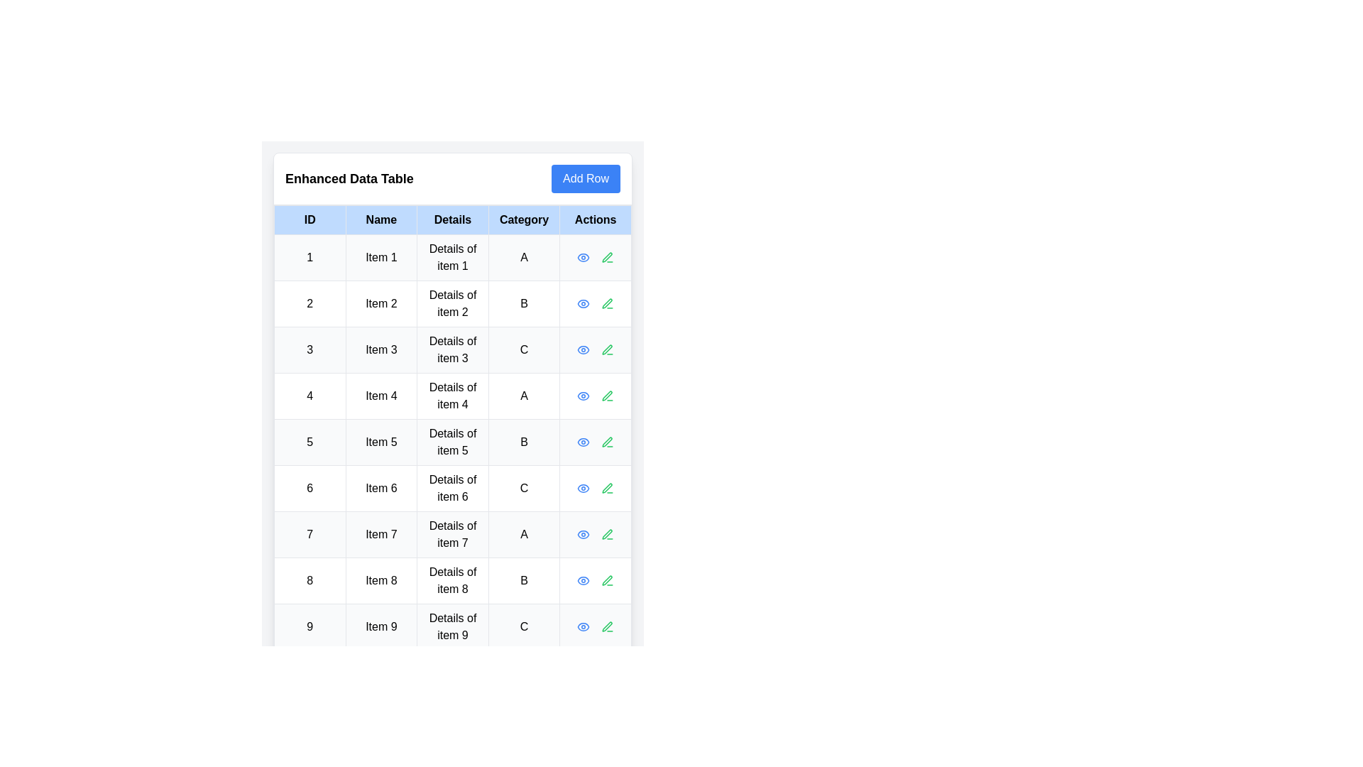 This screenshot has width=1363, height=767. I want to click on keyboard navigation, so click(608, 303).